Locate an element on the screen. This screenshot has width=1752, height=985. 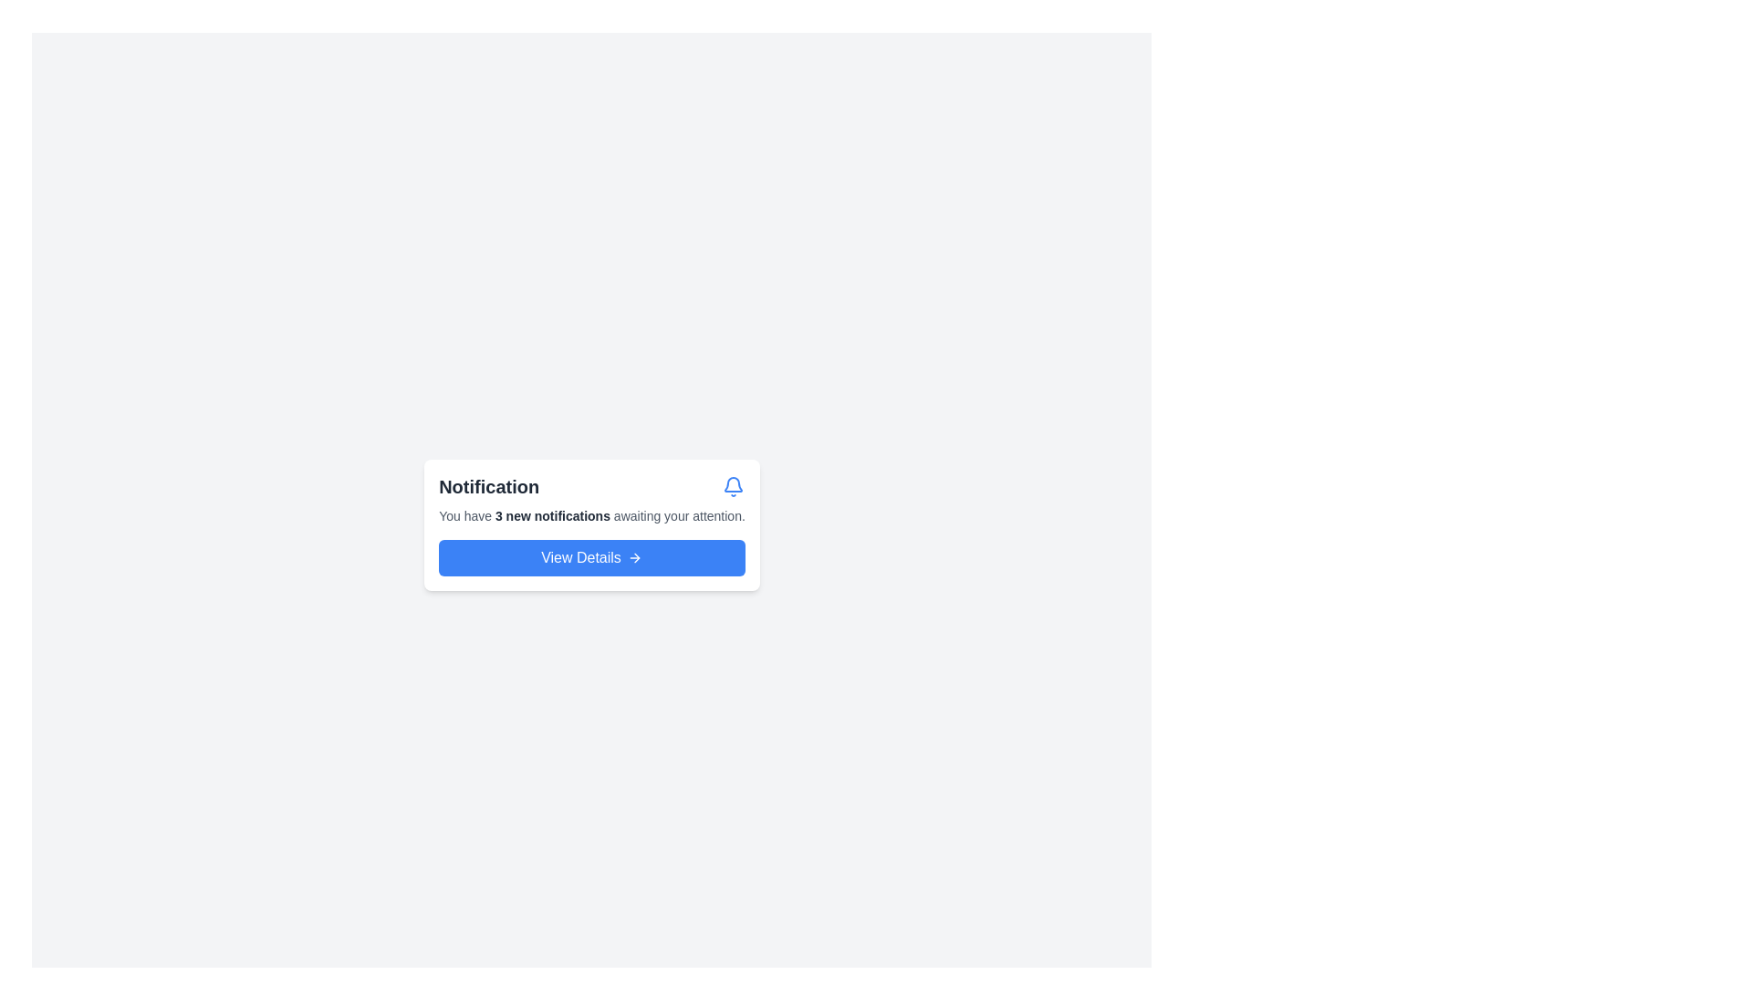
the text label that reads '3 new notifications' within the notification card is located at coordinates (551, 516).